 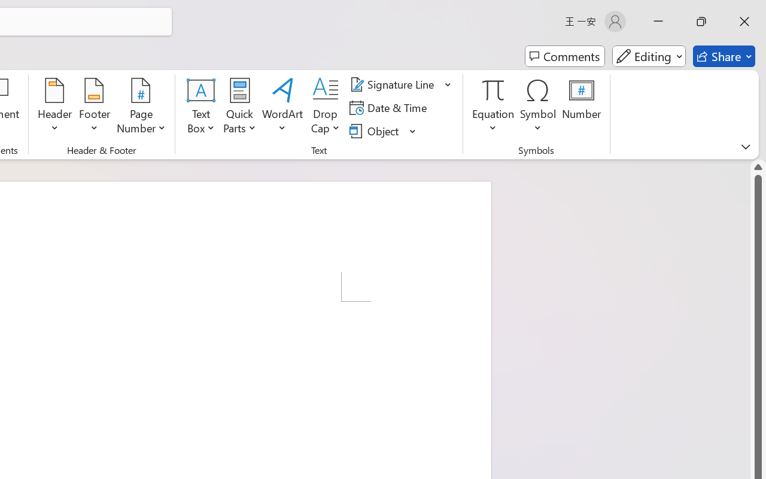 I want to click on 'Mode', so click(x=648, y=56).